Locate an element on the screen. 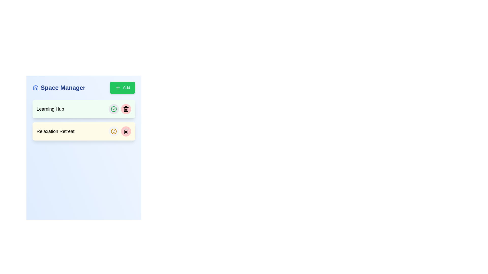 Image resolution: width=488 pixels, height=274 pixels. the 'Space Manager' label that displays a blue house icon and the text 'Space Manager' in bold blue font is located at coordinates (59, 88).